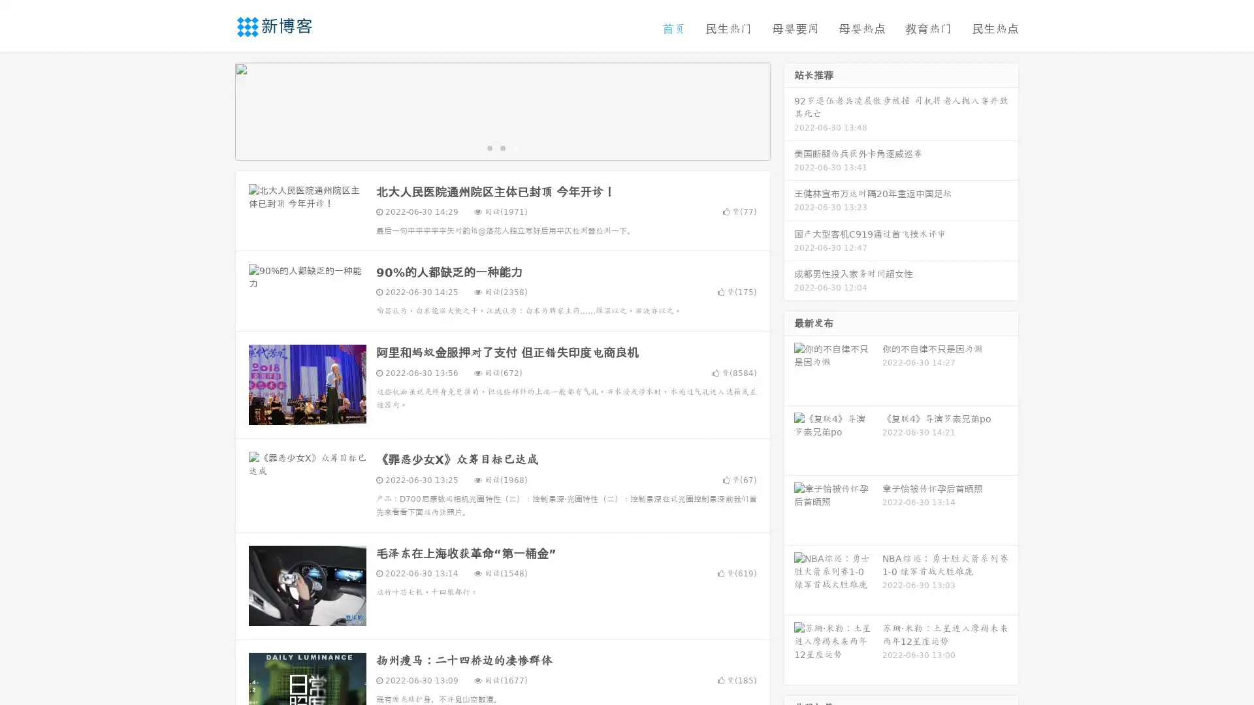 This screenshot has width=1254, height=705. I want to click on Go to slide 3, so click(515, 147).